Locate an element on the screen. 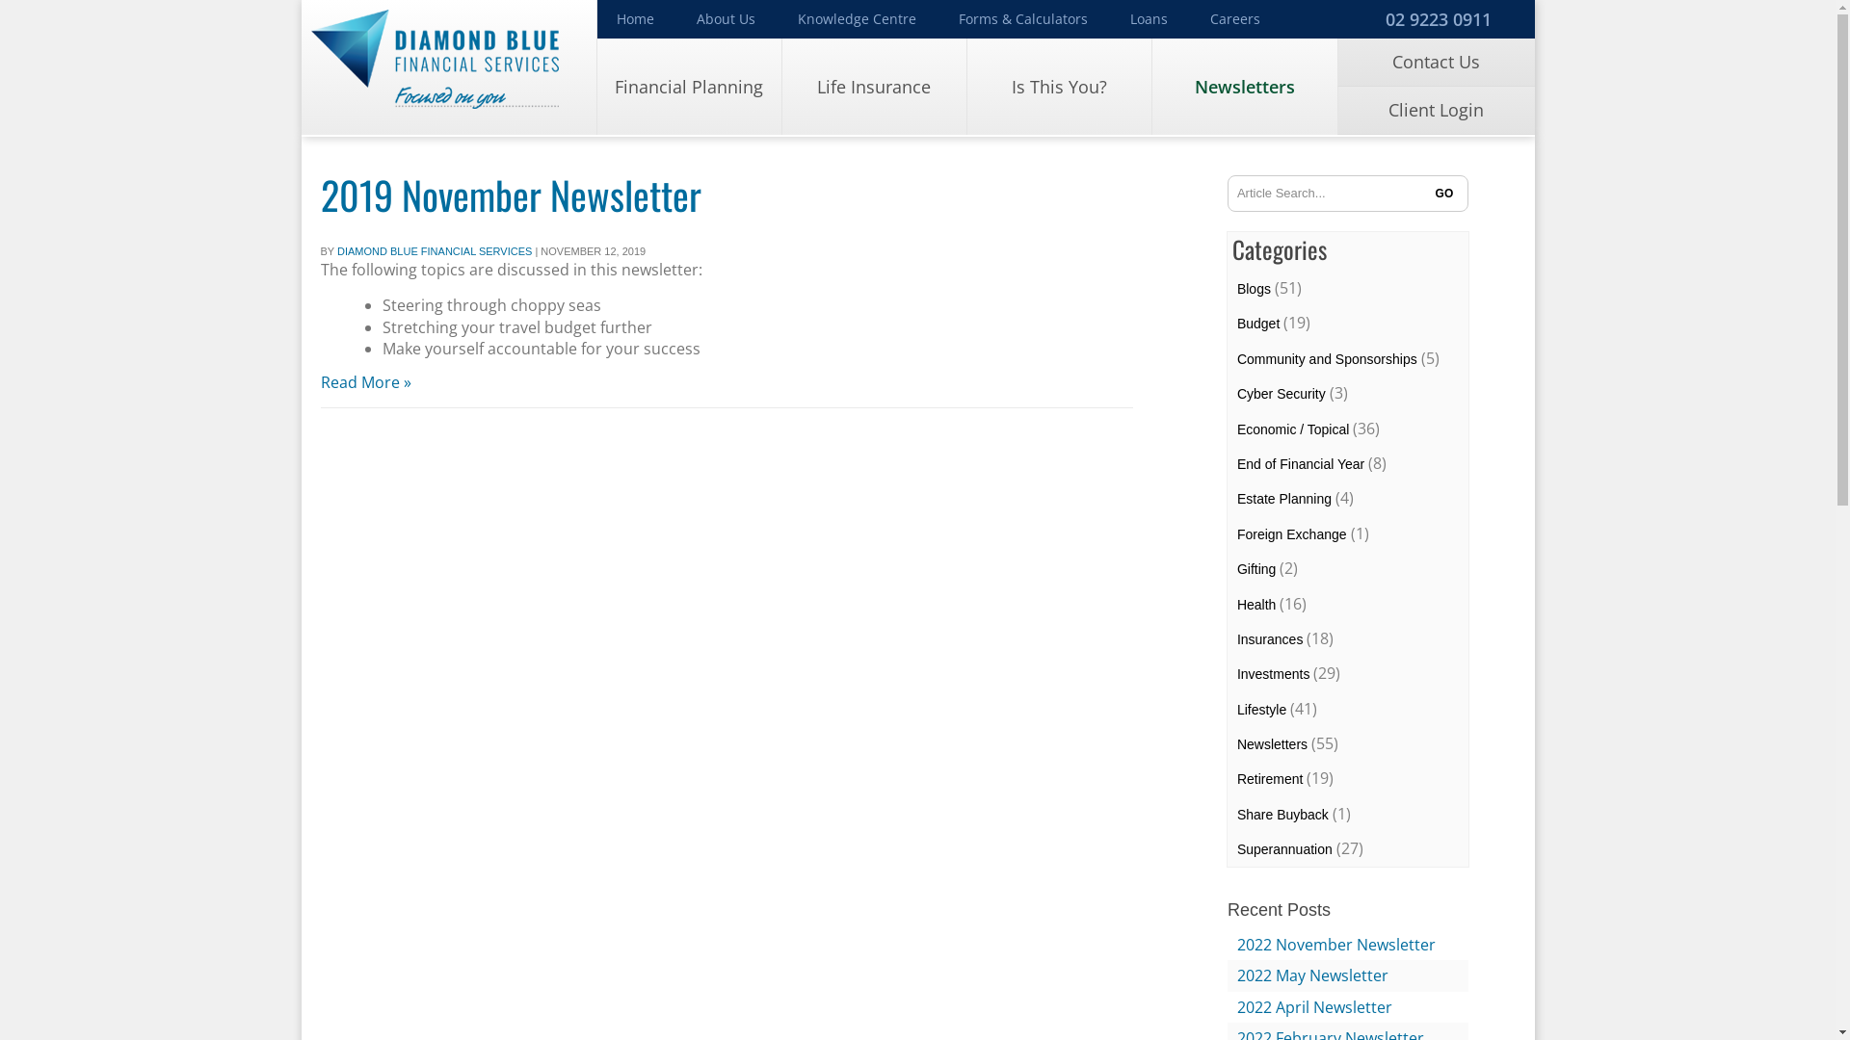 The height and width of the screenshot is (1040, 1850). 'Share Buyback' is located at coordinates (1282, 814).